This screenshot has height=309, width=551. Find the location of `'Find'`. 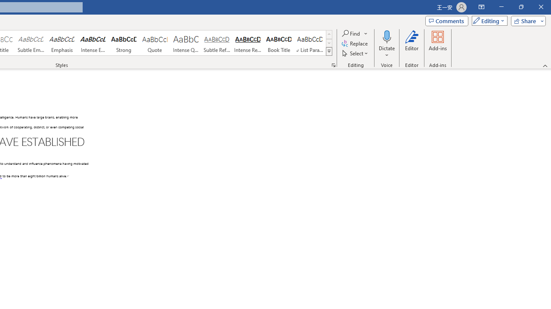

'Find' is located at coordinates (352, 33).